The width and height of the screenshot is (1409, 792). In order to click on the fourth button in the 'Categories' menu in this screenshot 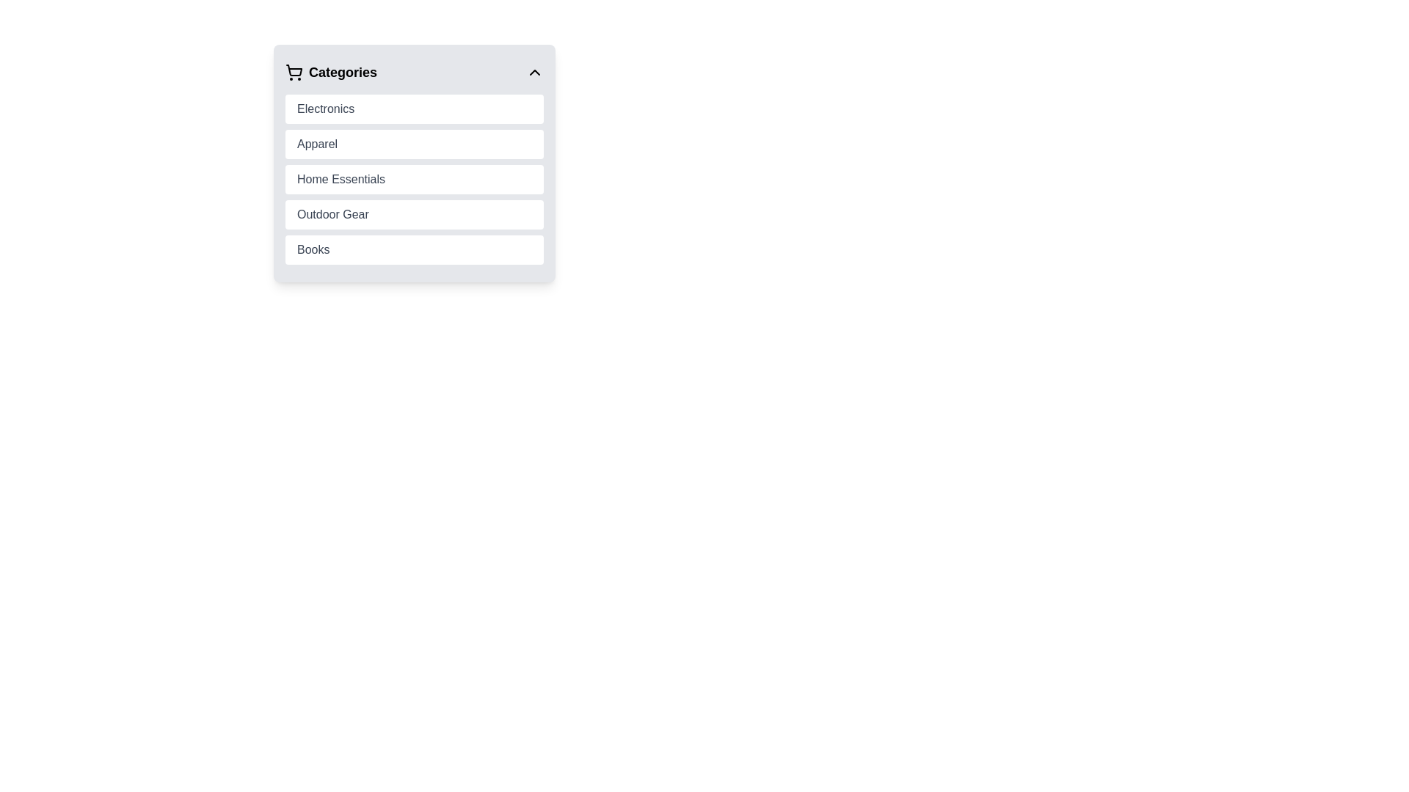, I will do `click(414, 215)`.